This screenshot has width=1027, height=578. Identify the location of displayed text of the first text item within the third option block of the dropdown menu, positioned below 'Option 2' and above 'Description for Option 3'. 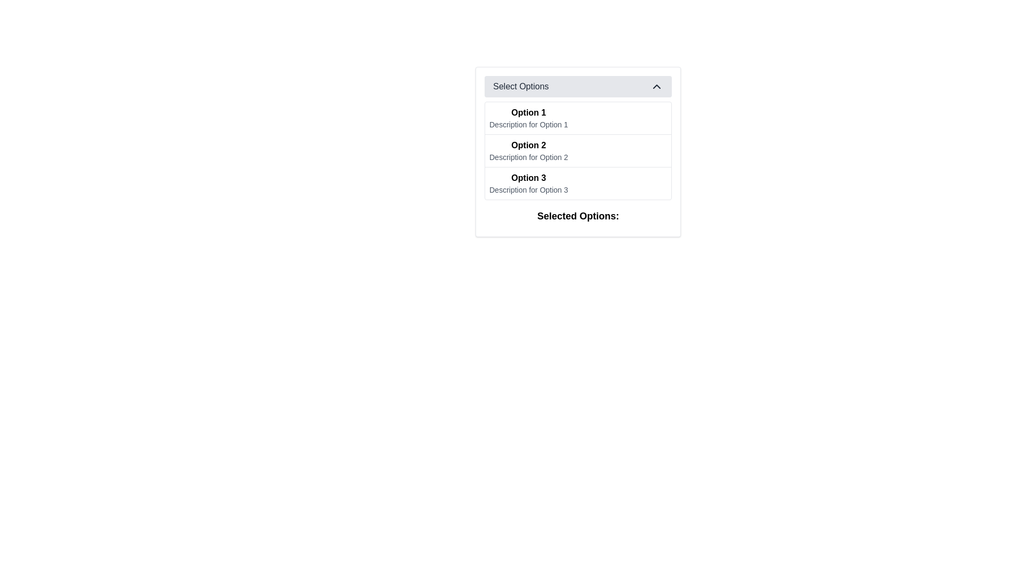
(528, 177).